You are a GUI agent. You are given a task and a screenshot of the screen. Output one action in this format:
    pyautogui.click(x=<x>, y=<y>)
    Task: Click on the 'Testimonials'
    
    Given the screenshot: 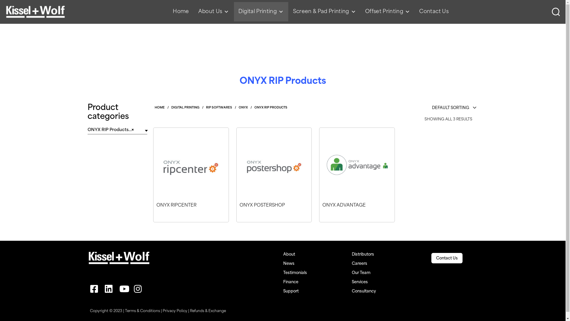 What is the action you would take?
    pyautogui.click(x=283, y=273)
    